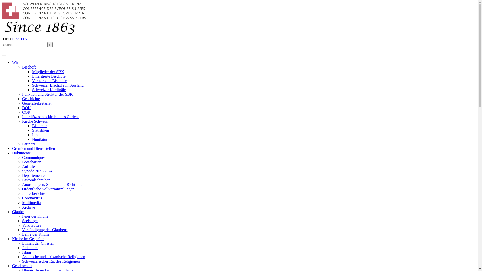  I want to click on 'Schweizerischer Rat der Religionen', so click(51, 261).